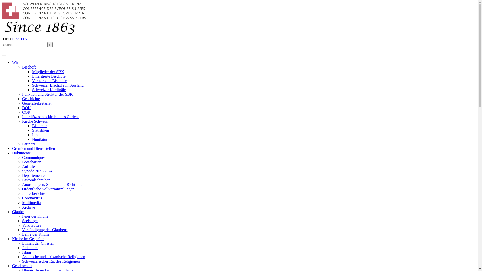  I want to click on 'Schweizerischer Rat der Religionen', so click(51, 261).